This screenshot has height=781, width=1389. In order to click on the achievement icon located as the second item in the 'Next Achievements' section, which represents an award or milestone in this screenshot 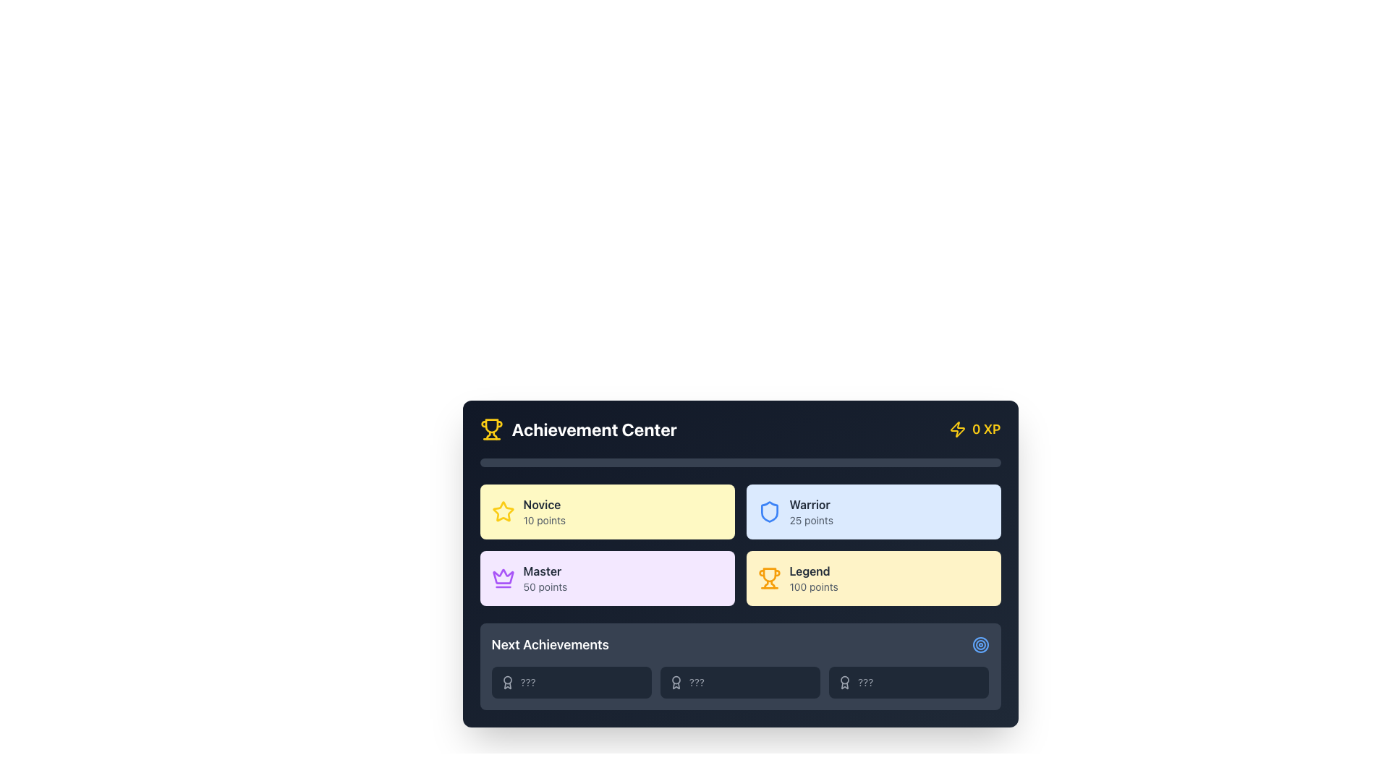, I will do `click(675, 683)`.